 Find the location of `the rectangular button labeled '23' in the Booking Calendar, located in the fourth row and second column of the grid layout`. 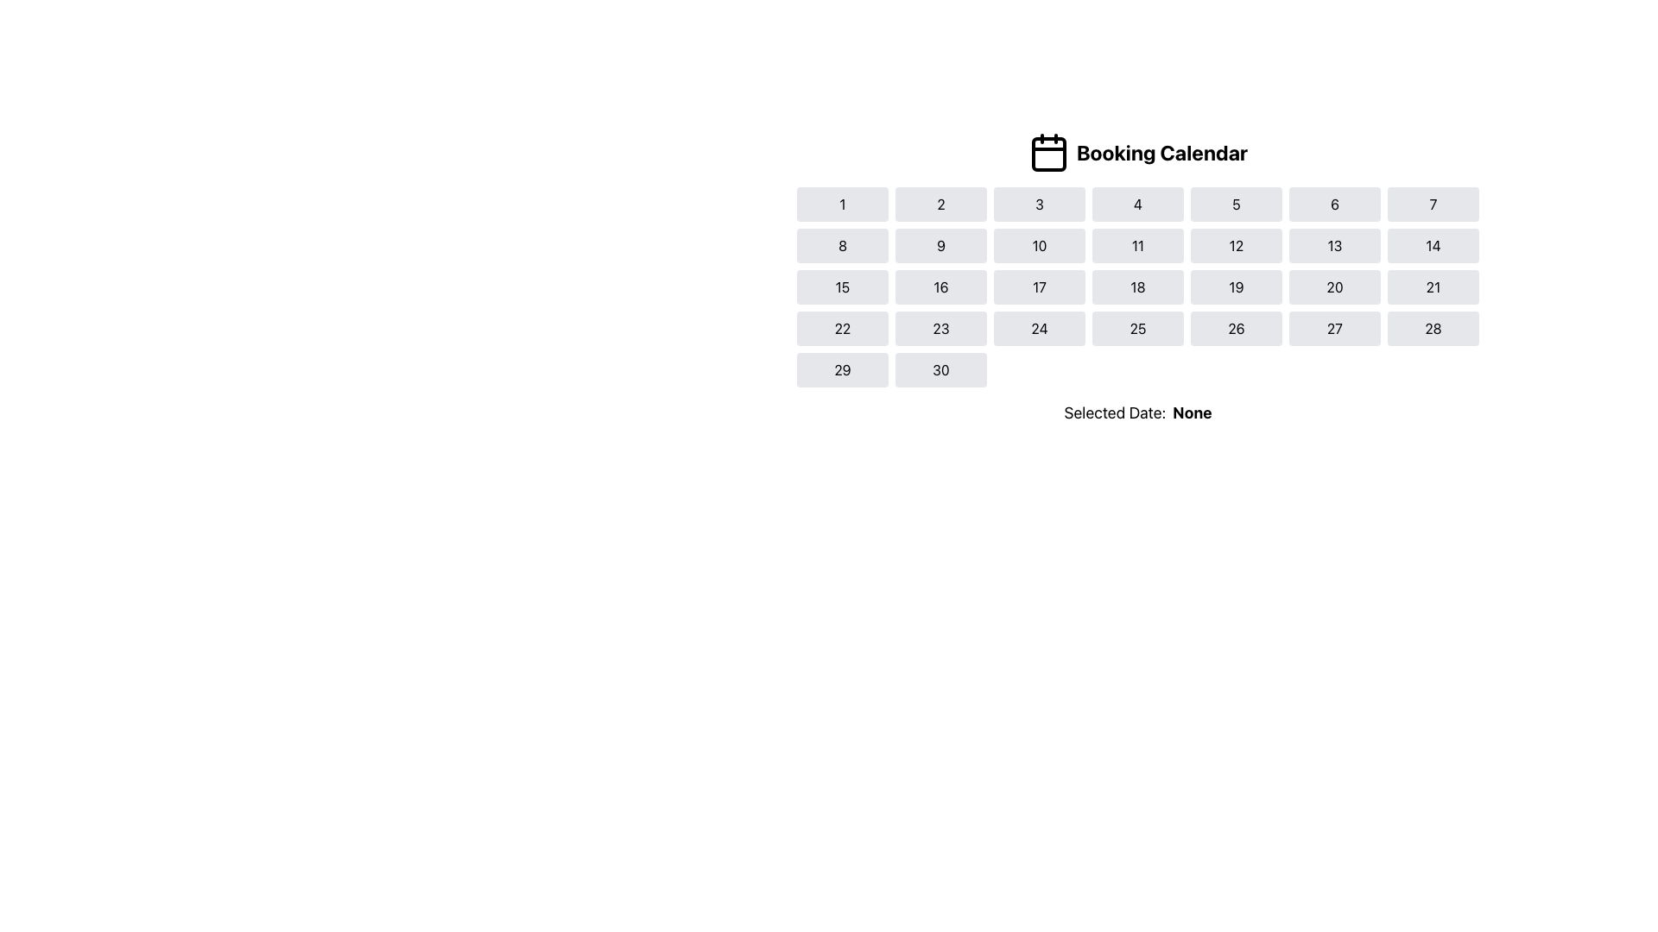

the rectangular button labeled '23' in the Booking Calendar, located in the fourth row and second column of the grid layout is located at coordinates (940, 329).